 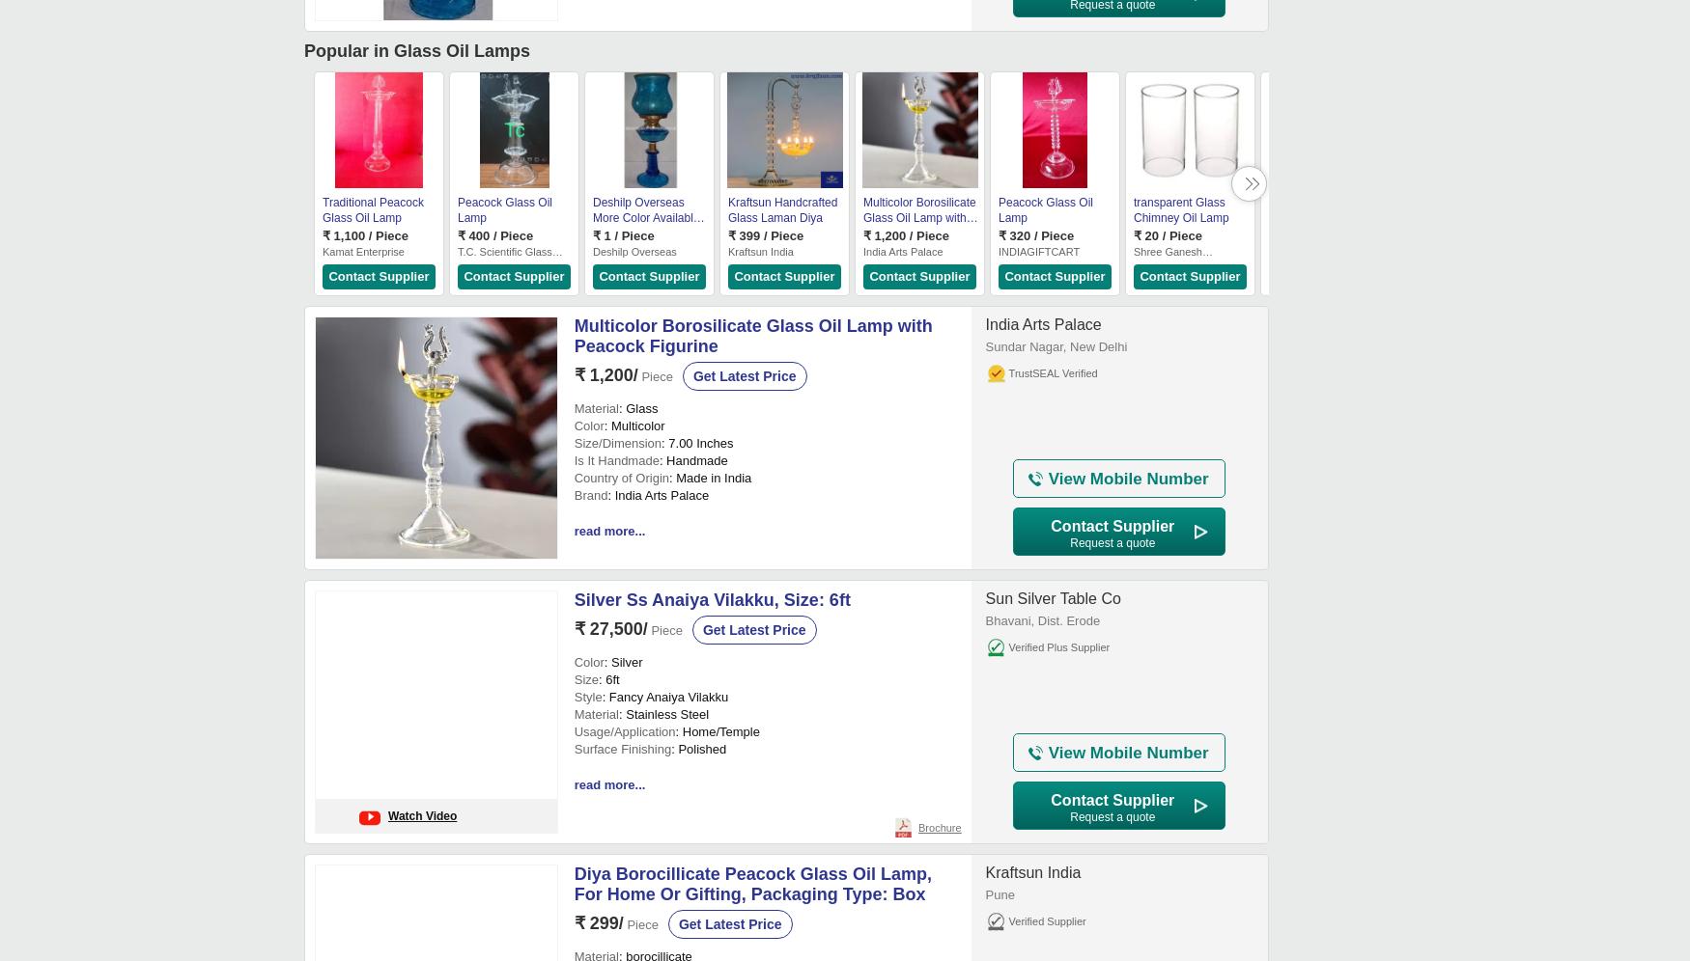 I want to click on ':  Handmade', so click(x=657, y=459).